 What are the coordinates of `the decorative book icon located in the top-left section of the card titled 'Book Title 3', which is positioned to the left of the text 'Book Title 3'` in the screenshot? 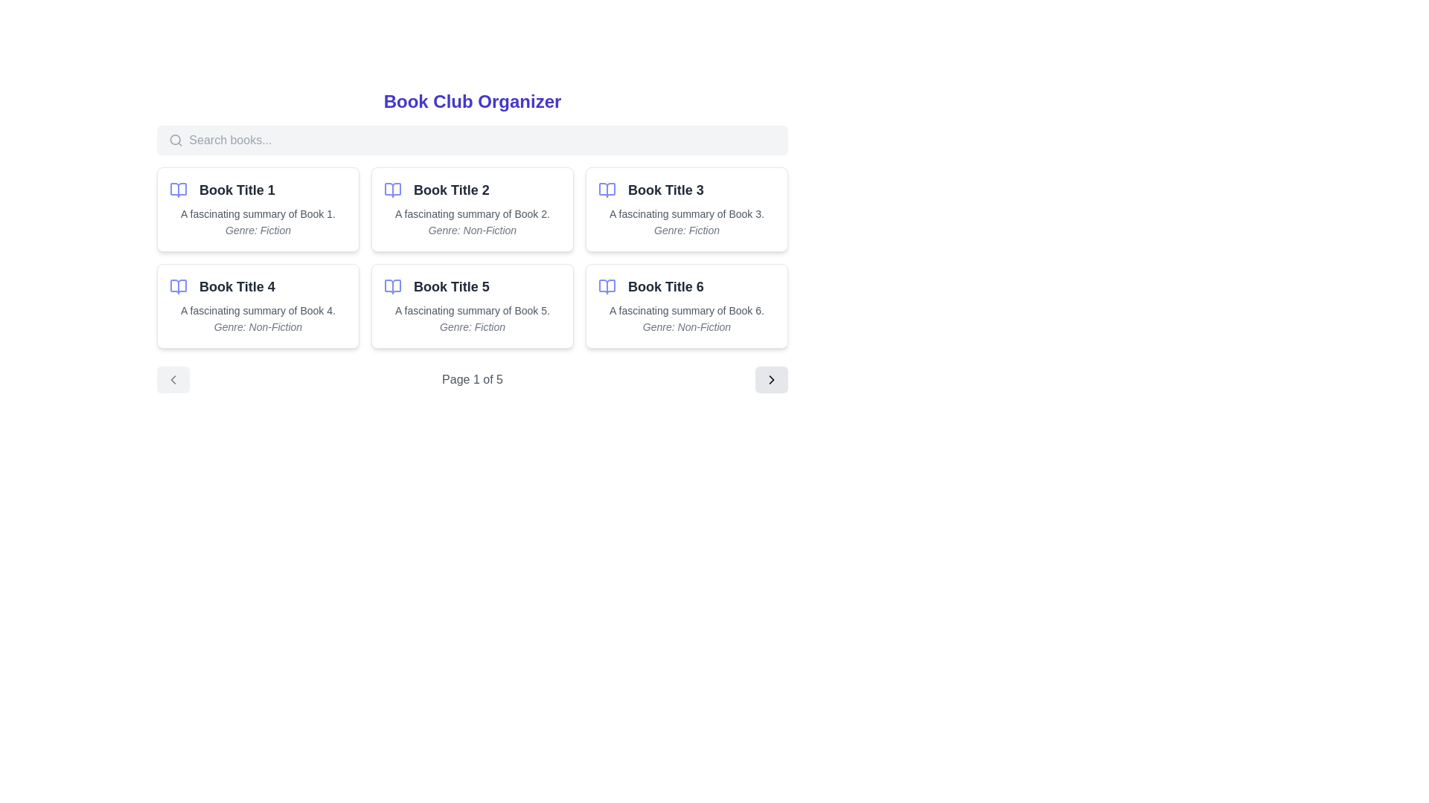 It's located at (607, 189).